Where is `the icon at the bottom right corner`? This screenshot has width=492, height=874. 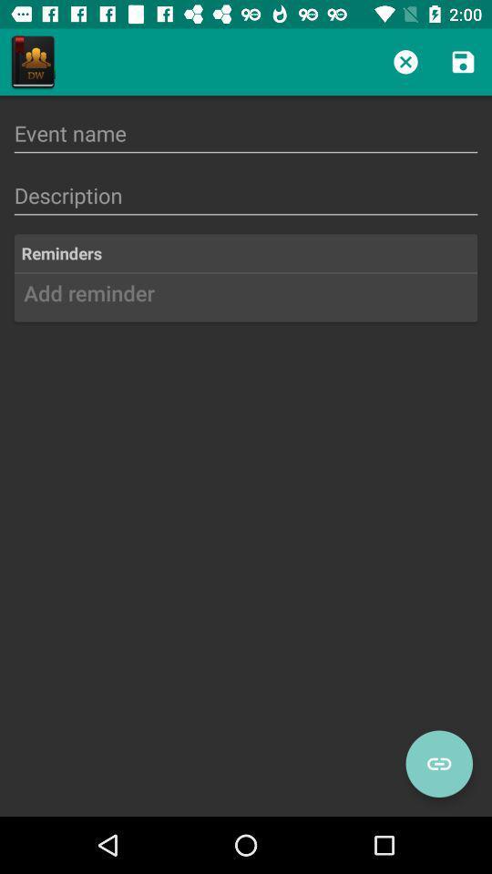
the icon at the bottom right corner is located at coordinates (438, 764).